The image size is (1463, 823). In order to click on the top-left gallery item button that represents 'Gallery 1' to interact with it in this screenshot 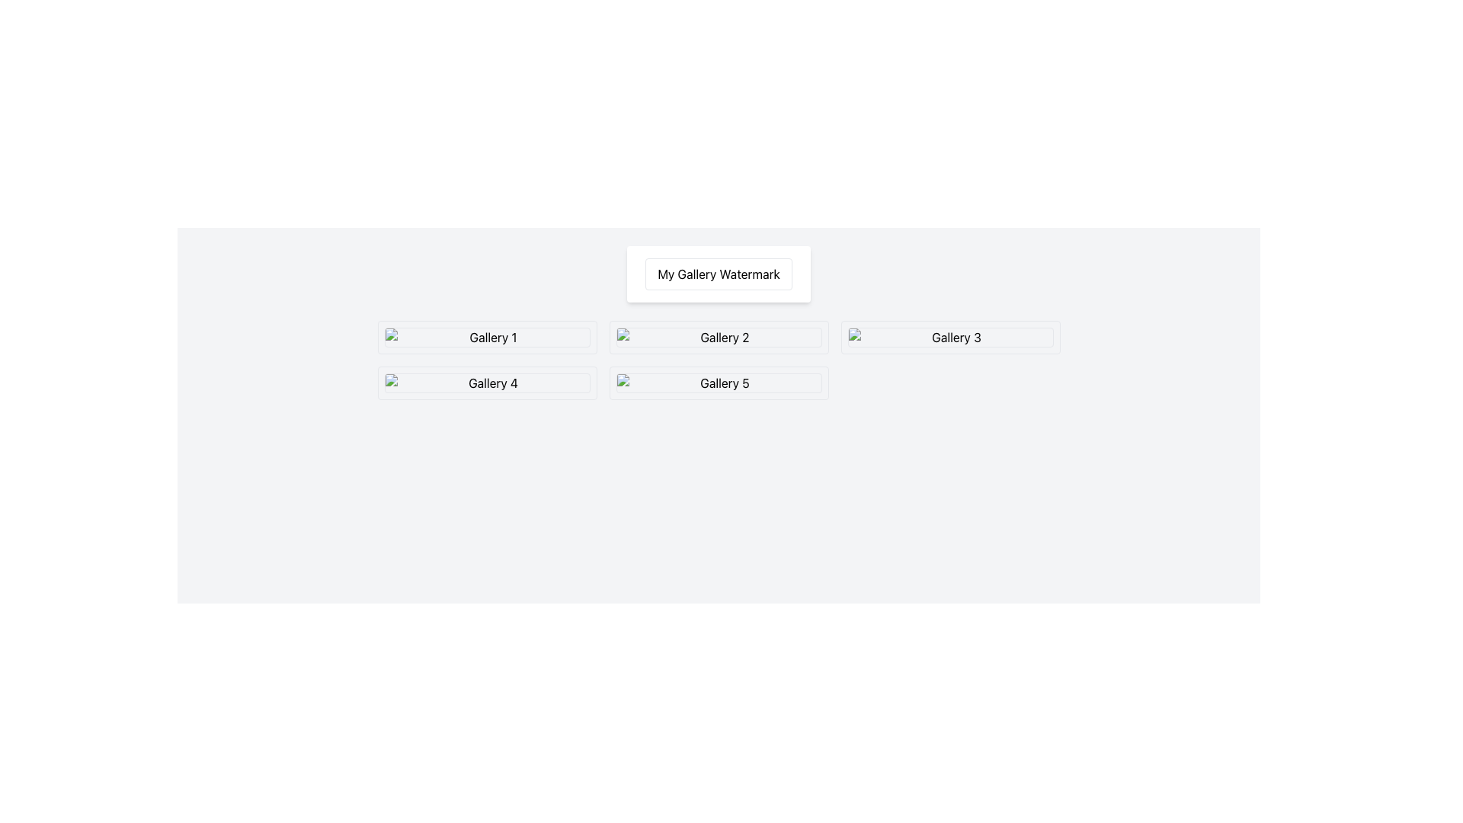, I will do `click(486, 337)`.